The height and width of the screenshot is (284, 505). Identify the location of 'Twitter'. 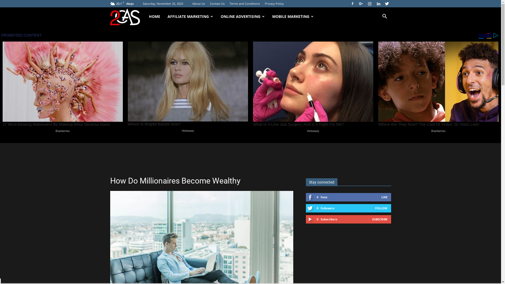
(387, 4).